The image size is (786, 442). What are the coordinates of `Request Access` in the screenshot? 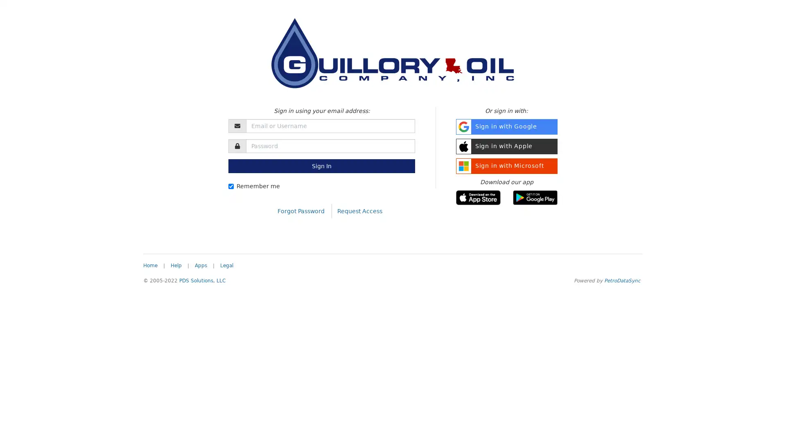 It's located at (359, 210).